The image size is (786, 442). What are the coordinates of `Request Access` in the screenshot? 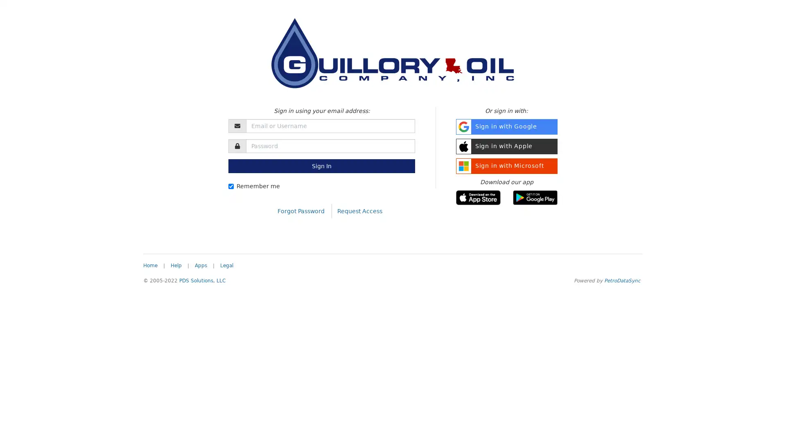 It's located at (359, 210).